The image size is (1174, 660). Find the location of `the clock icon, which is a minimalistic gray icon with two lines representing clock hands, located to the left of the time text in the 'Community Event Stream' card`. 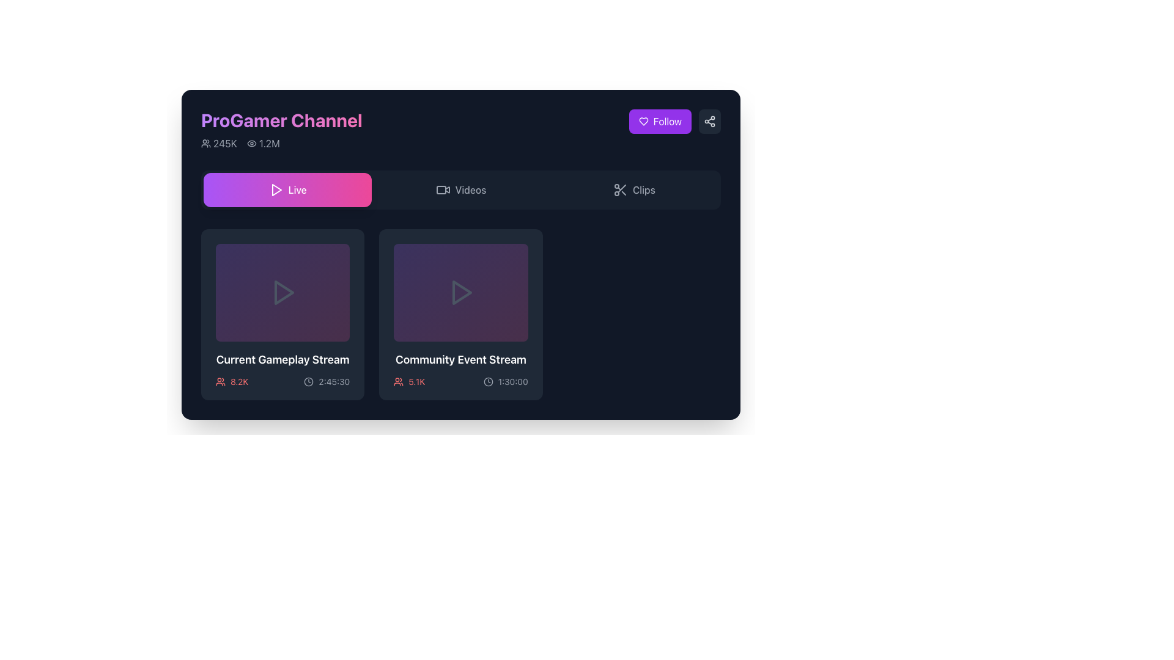

the clock icon, which is a minimalistic gray icon with two lines representing clock hands, located to the left of the time text in the 'Community Event Stream' card is located at coordinates (487, 381).